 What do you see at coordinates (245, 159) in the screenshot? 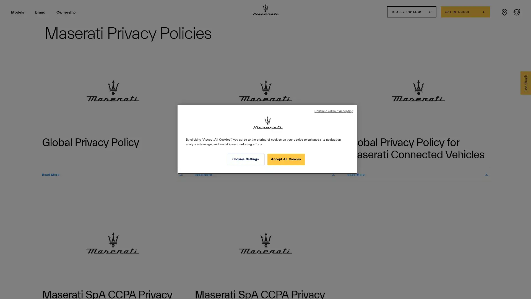
I see `Cookies Settings` at bounding box center [245, 159].